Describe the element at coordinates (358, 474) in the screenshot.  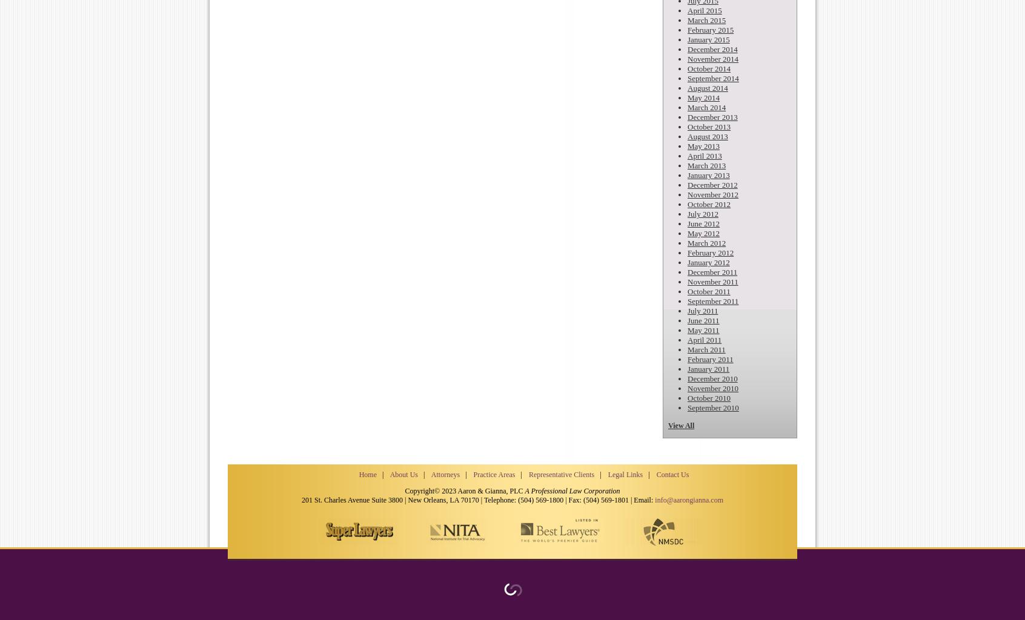
I see `'Home'` at that location.